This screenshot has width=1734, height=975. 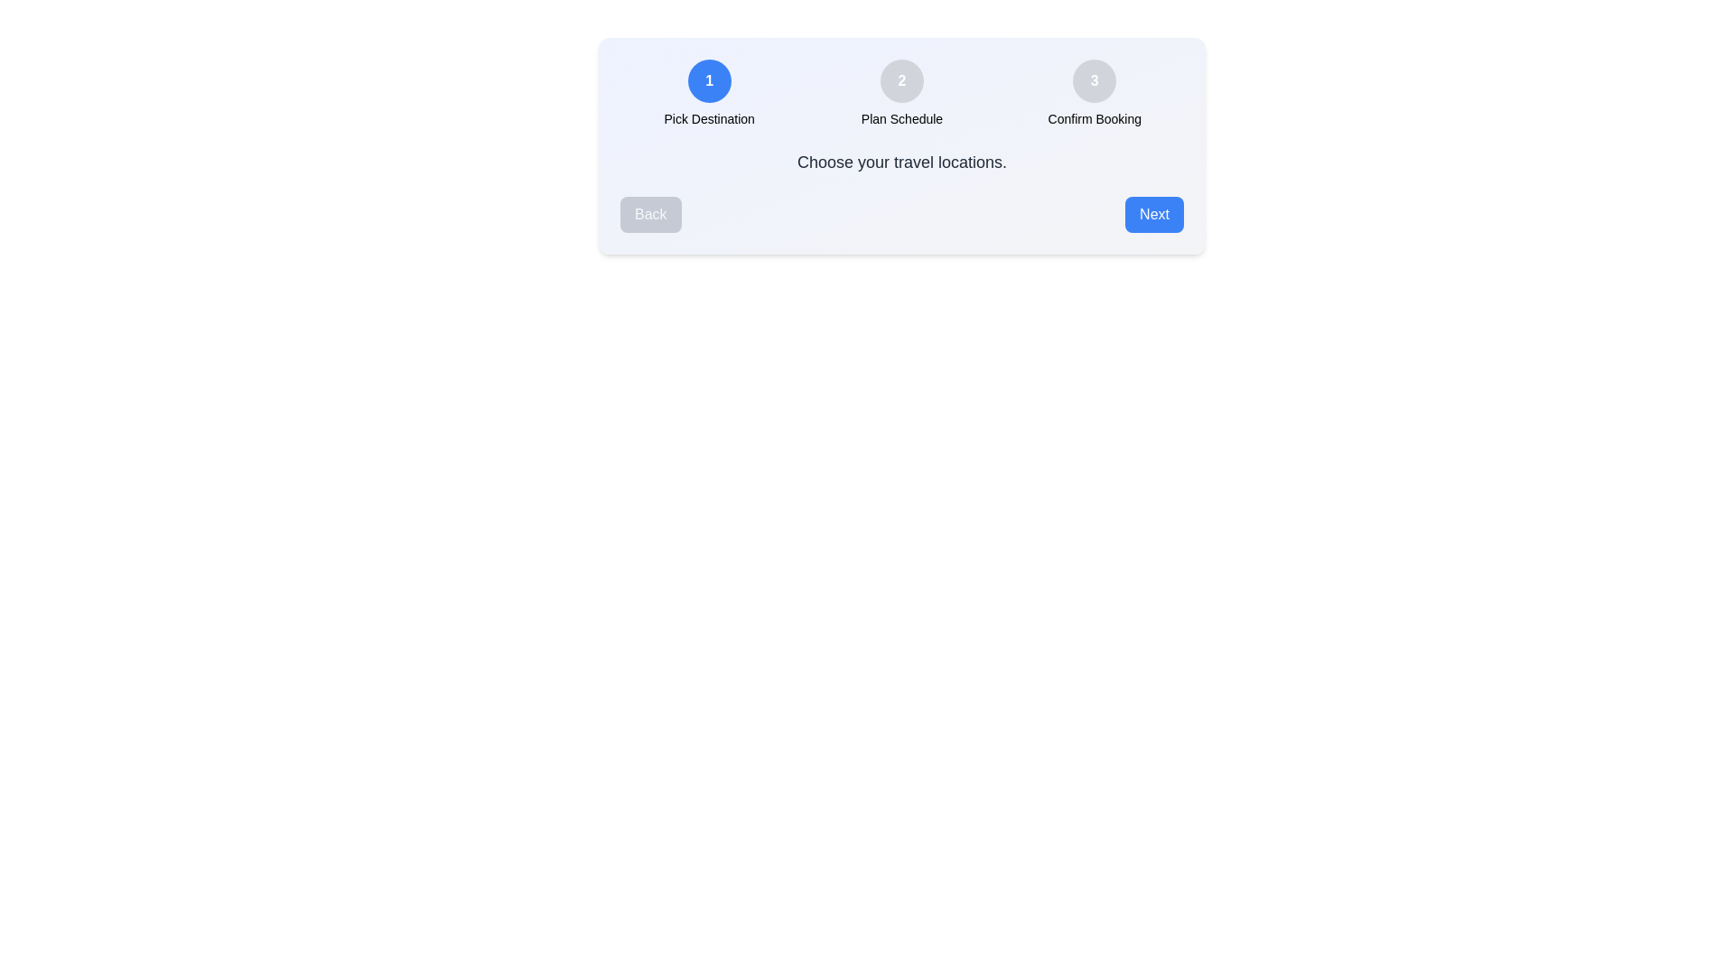 I want to click on the Next button to proceed to the next step, so click(x=1152, y=214).